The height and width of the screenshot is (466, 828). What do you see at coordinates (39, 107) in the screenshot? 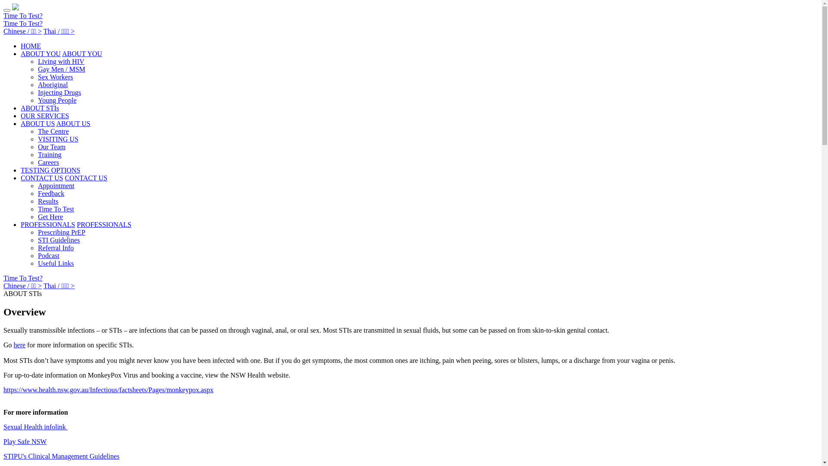
I see `'ABOUT STIs'` at bounding box center [39, 107].